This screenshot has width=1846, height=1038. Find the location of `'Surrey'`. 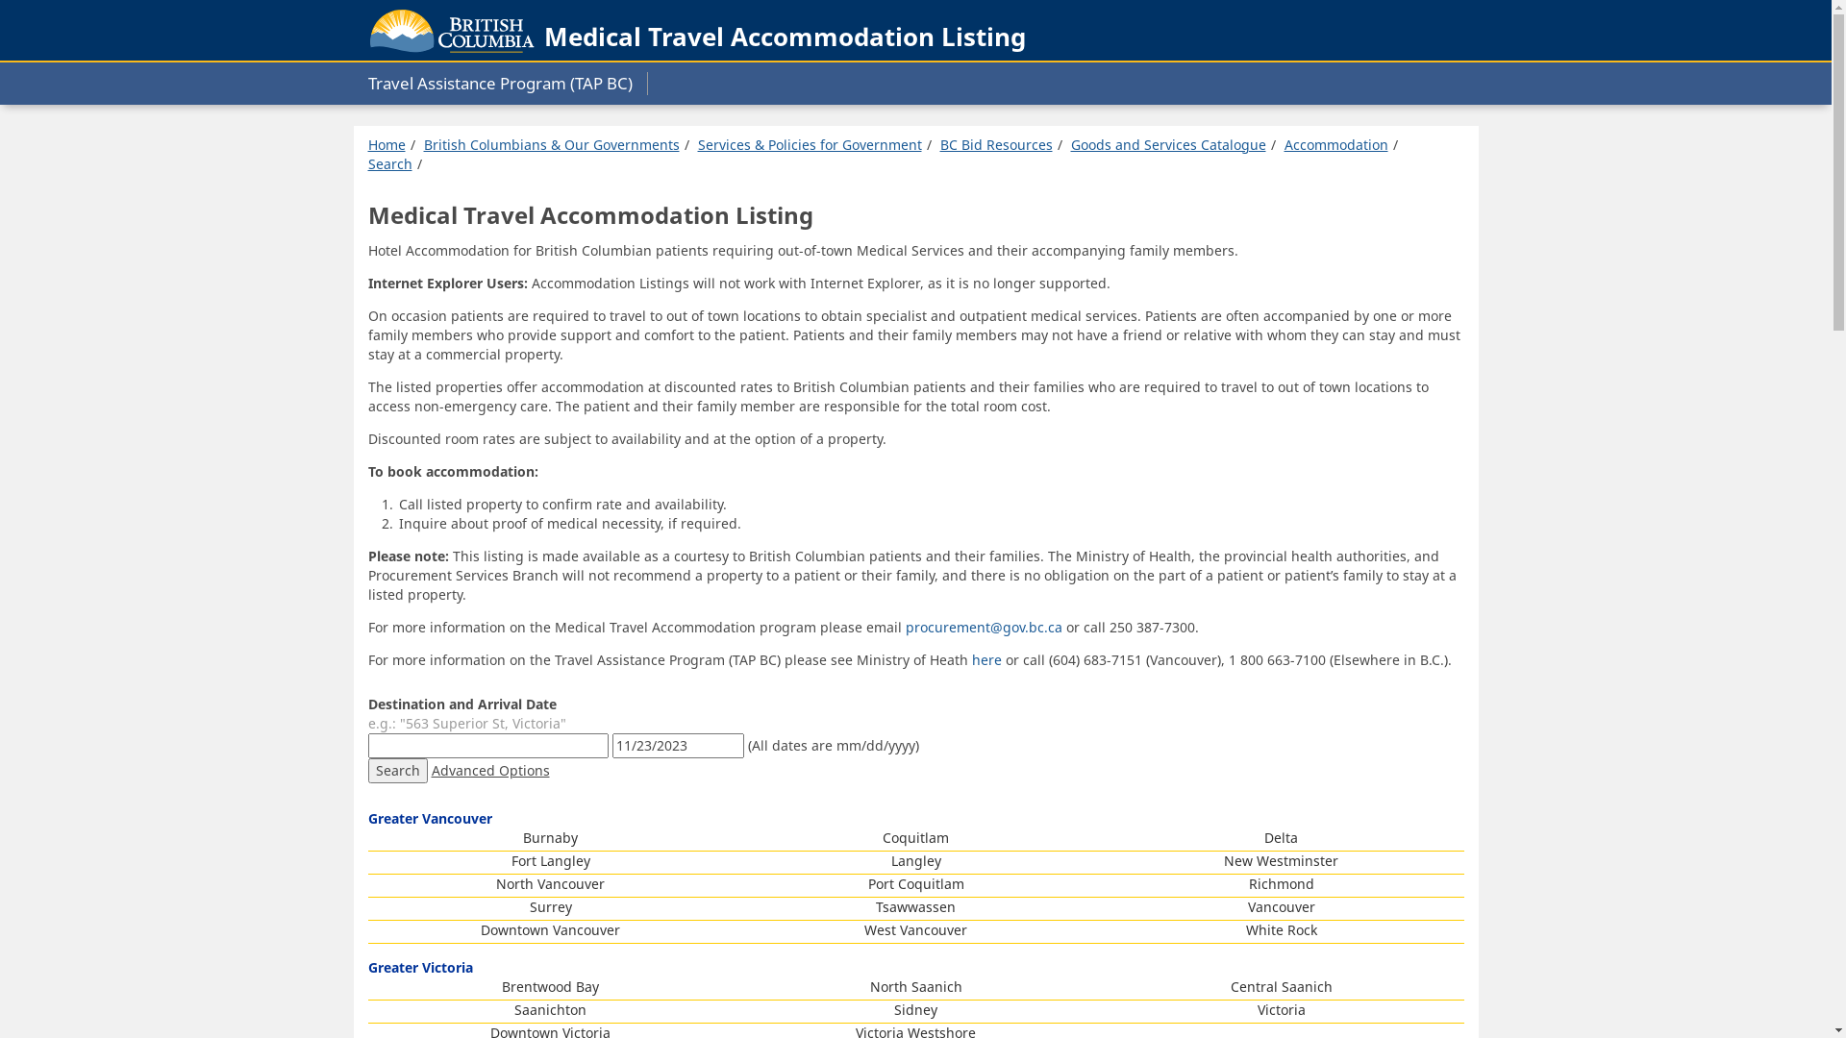

'Surrey' is located at coordinates (548, 906).